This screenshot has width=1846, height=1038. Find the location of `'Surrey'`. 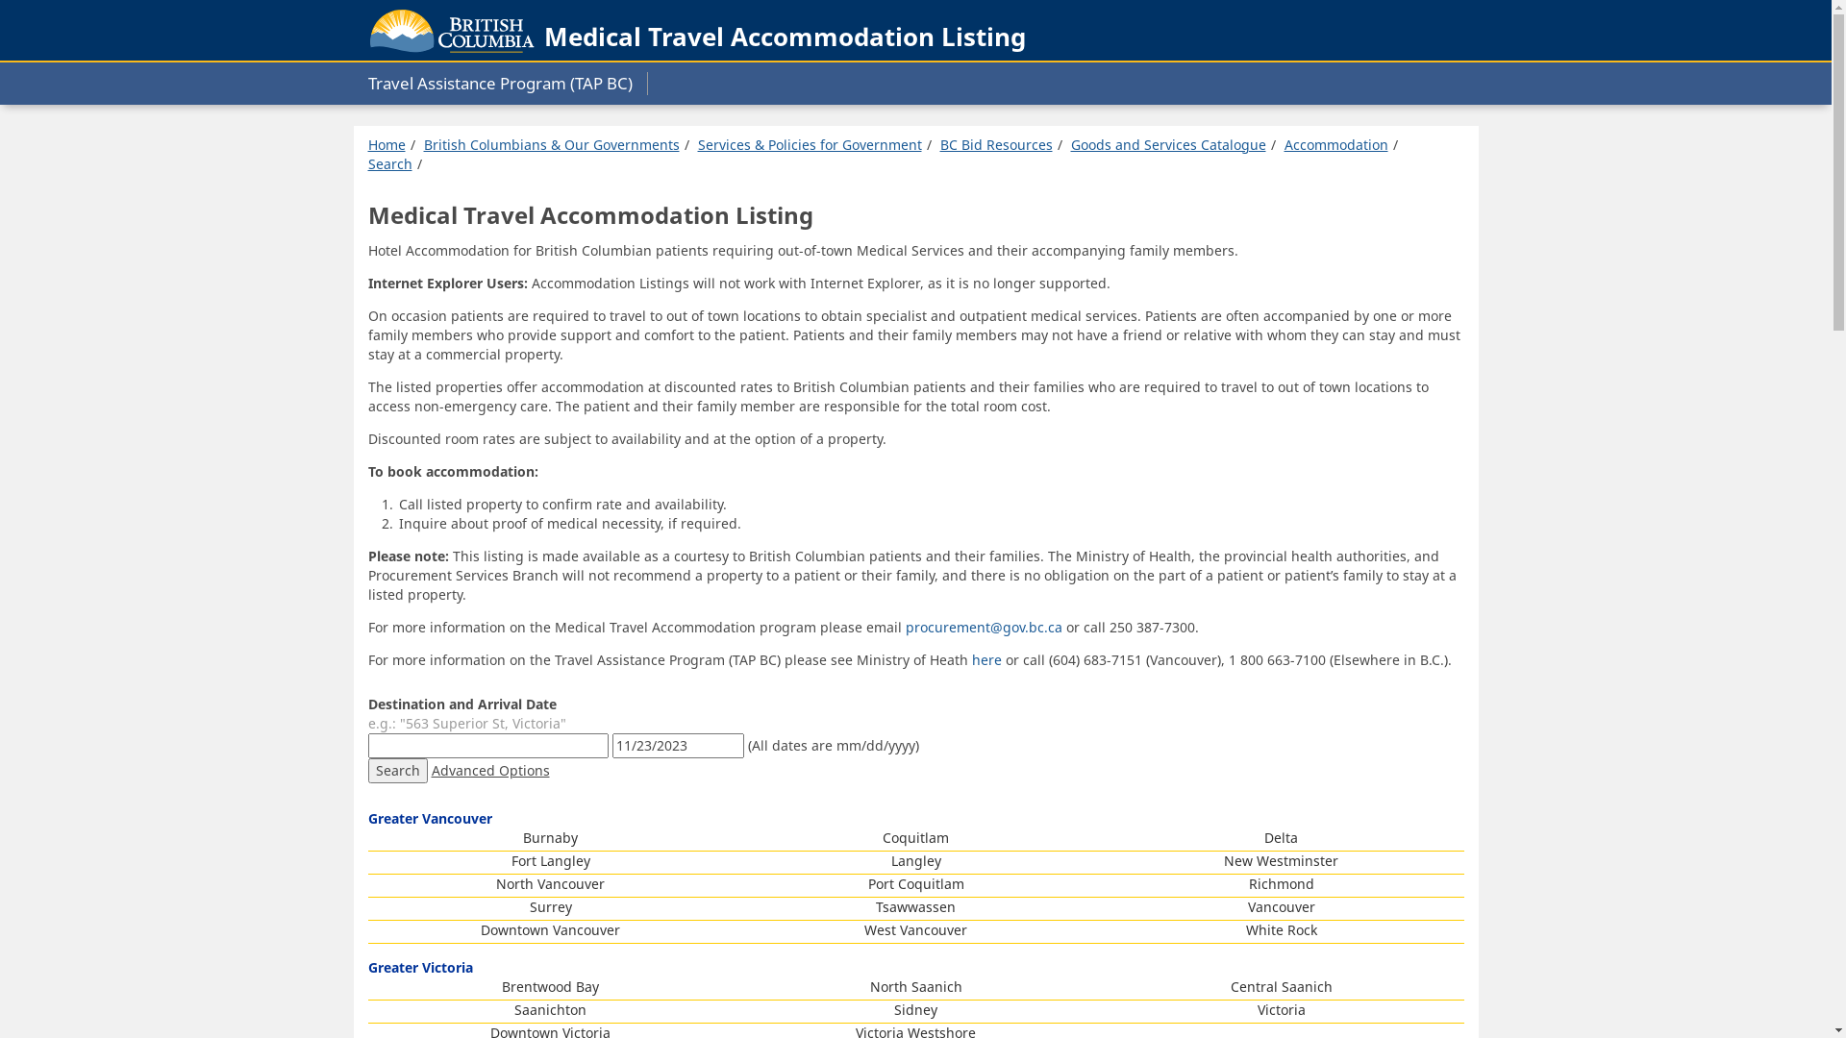

'Surrey' is located at coordinates (548, 906).